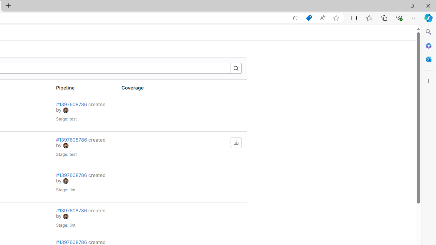 Image resolution: width=436 pixels, height=245 pixels. What do you see at coordinates (83, 87) in the screenshot?
I see `'Pipeline'` at bounding box center [83, 87].